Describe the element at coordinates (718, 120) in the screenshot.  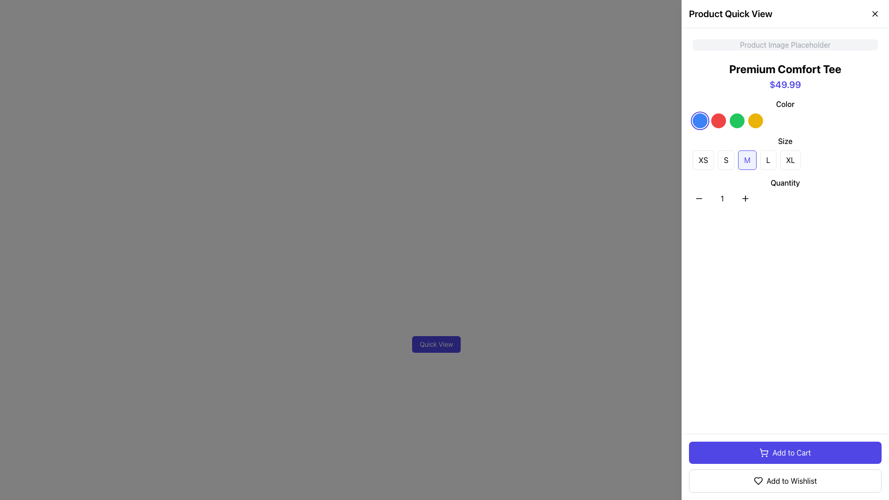
I see `the small circular red button located under the text 'Color'` at that location.